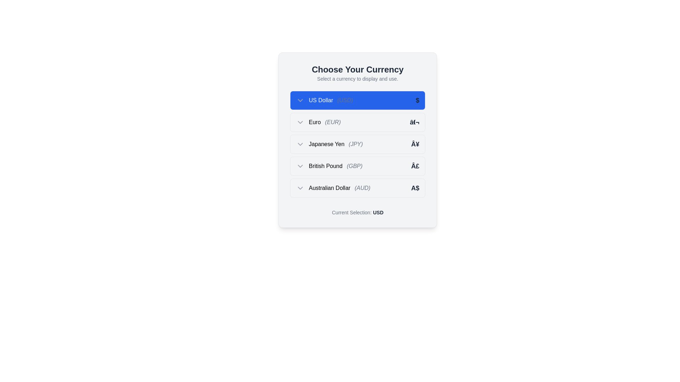  What do you see at coordinates (329, 144) in the screenshot?
I see `the 'Japanese Yen' text and icon group in the currency selection list` at bounding box center [329, 144].